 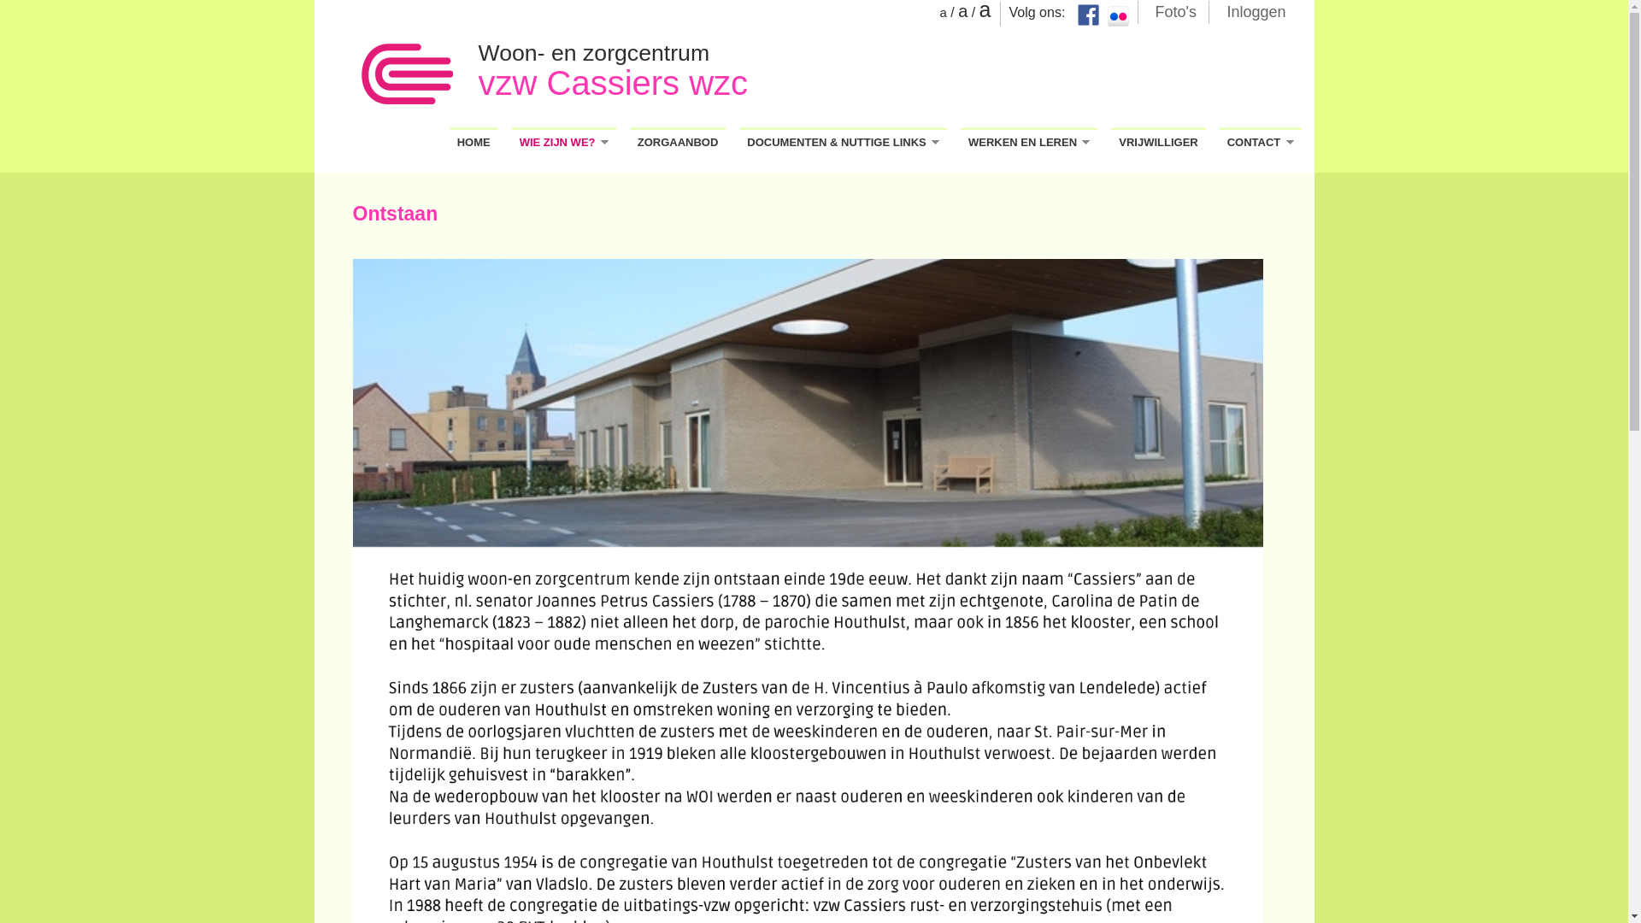 I want to click on 'Flickr', so click(x=1108, y=16).